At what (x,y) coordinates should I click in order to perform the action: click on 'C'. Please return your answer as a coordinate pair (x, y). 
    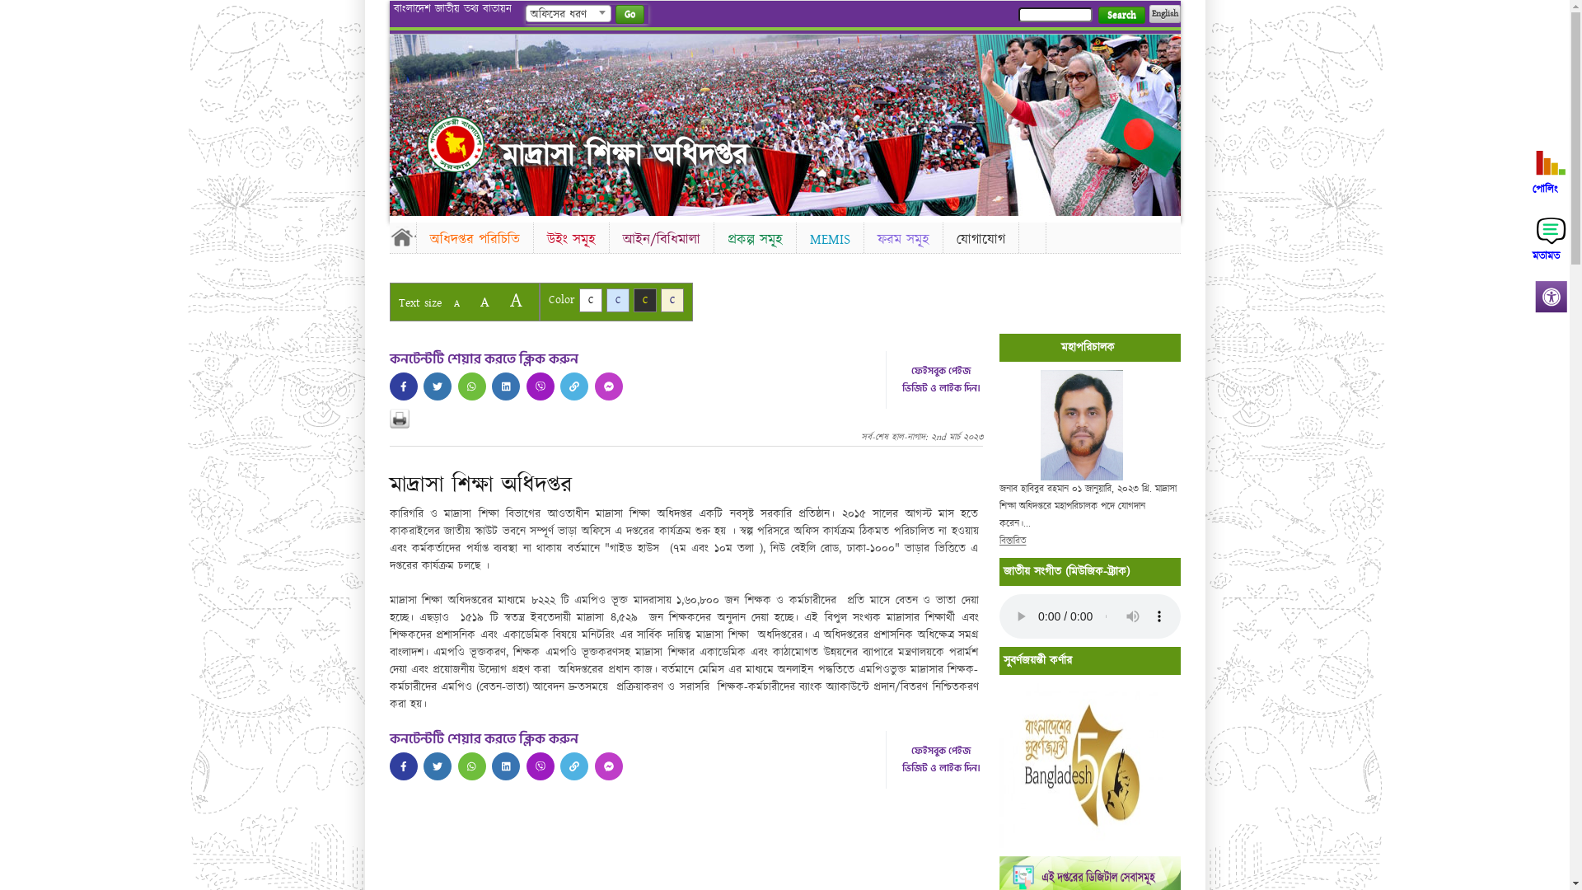
    Looking at the image, I should click on (644, 300).